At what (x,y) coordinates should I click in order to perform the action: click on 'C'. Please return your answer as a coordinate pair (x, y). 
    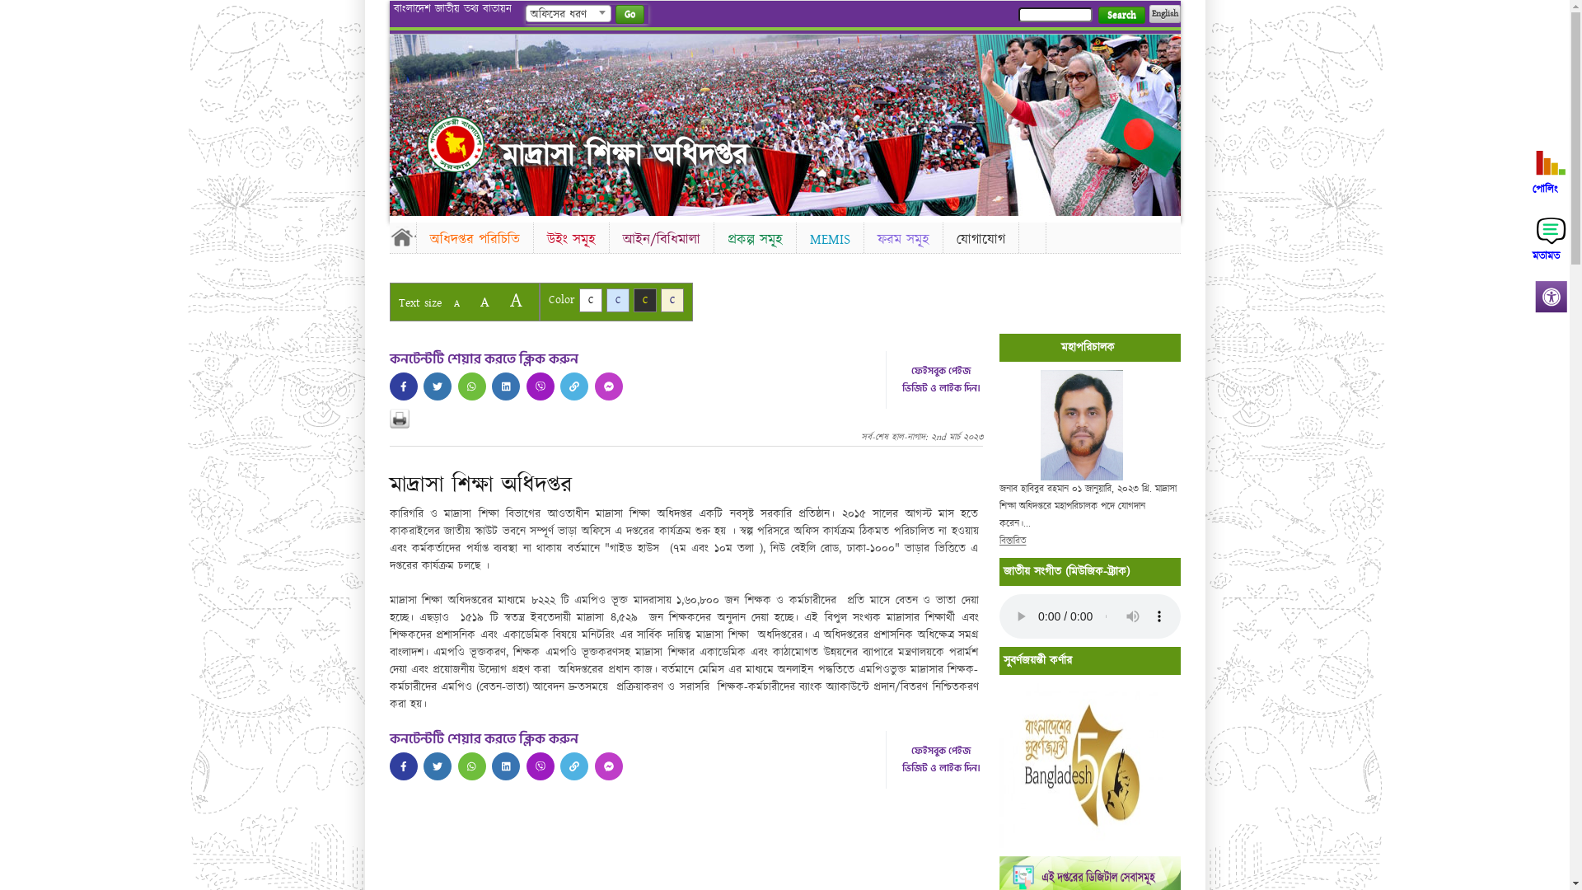
    Looking at the image, I should click on (644, 300).